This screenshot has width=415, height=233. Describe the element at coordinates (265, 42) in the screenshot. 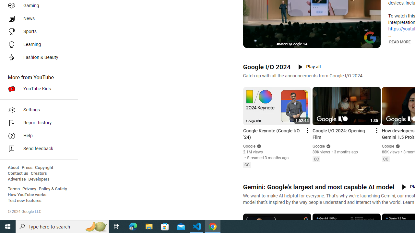

I see `'Mute (m)'` at that location.